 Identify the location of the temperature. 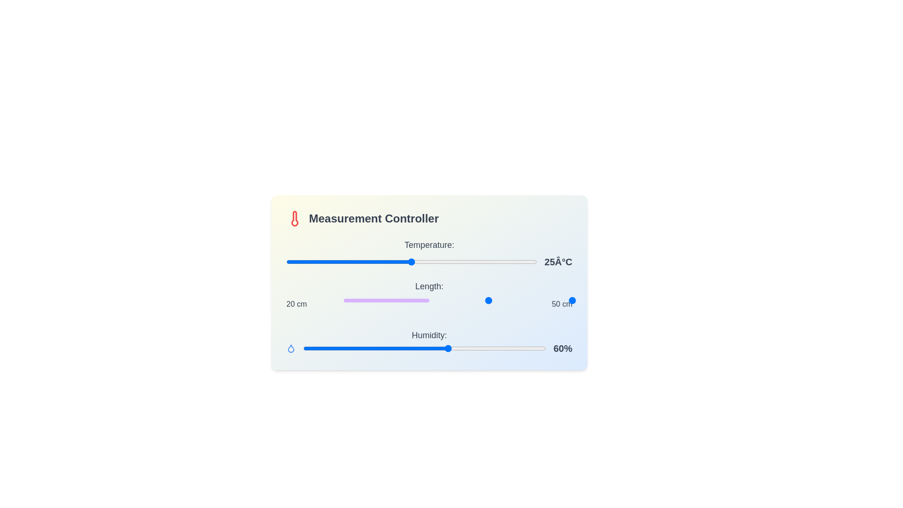
(431, 262).